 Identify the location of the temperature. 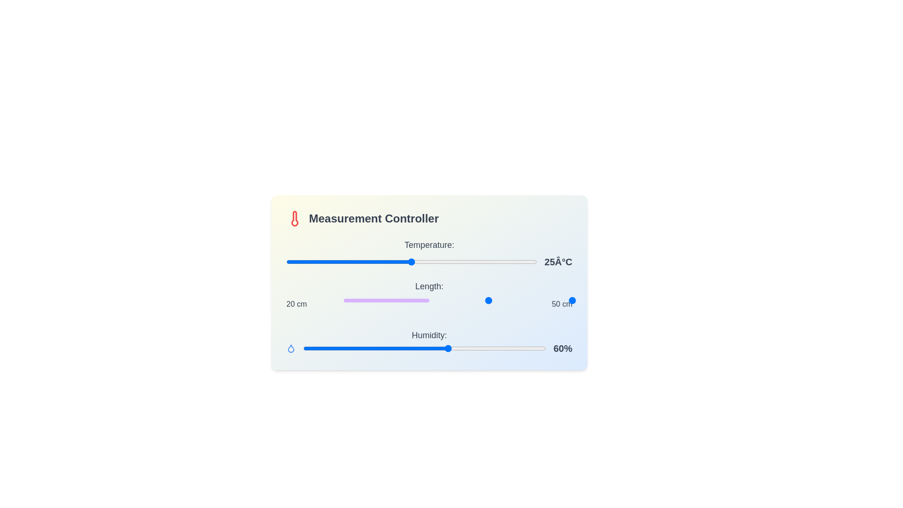
(431, 262).